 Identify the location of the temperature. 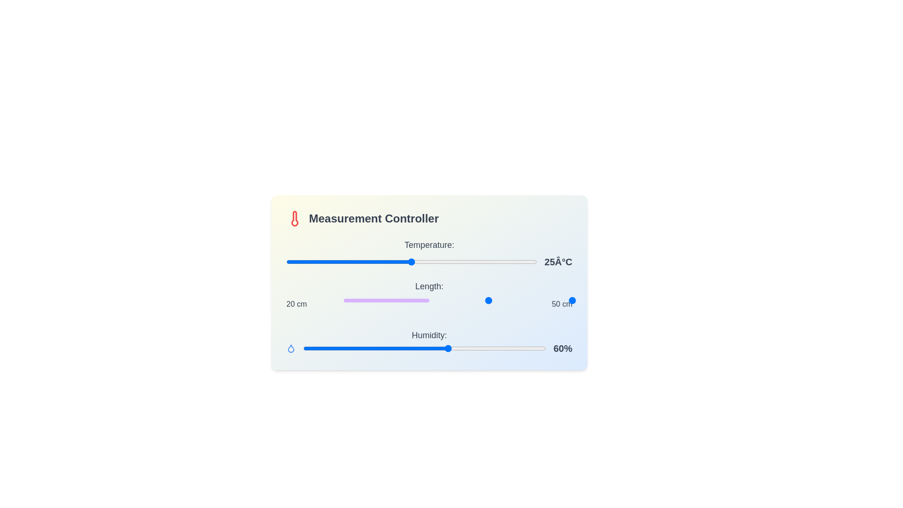
(431, 262).